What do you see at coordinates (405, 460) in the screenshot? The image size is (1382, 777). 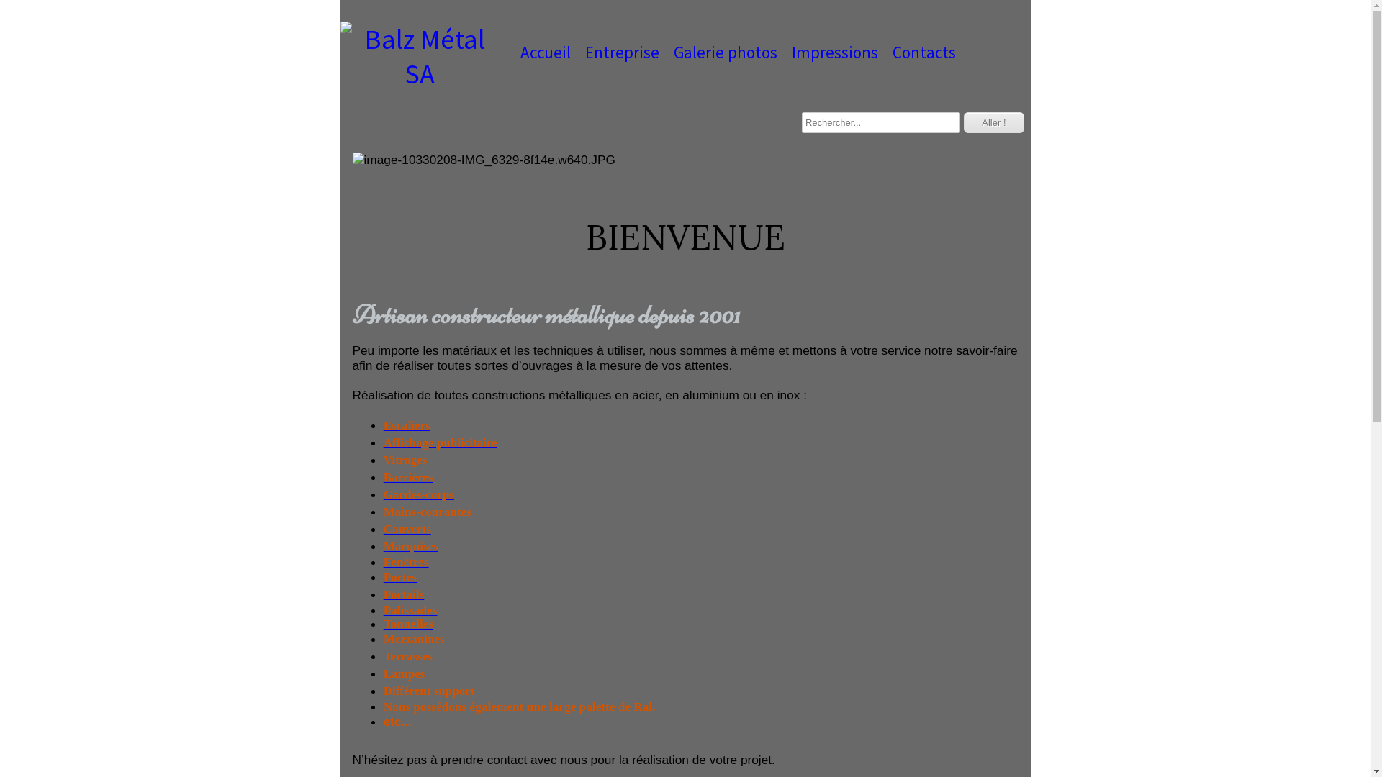 I see `'Vitrages'` at bounding box center [405, 460].